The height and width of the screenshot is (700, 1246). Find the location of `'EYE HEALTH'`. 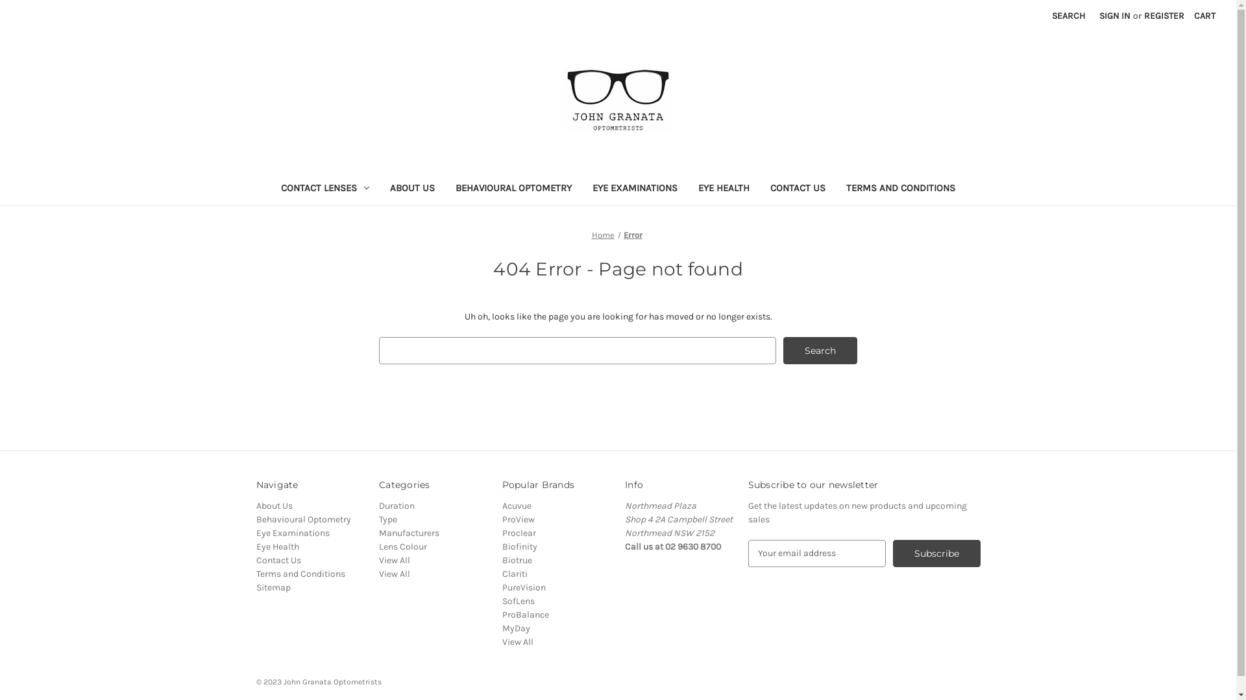

'EYE HEALTH' is located at coordinates (723, 189).